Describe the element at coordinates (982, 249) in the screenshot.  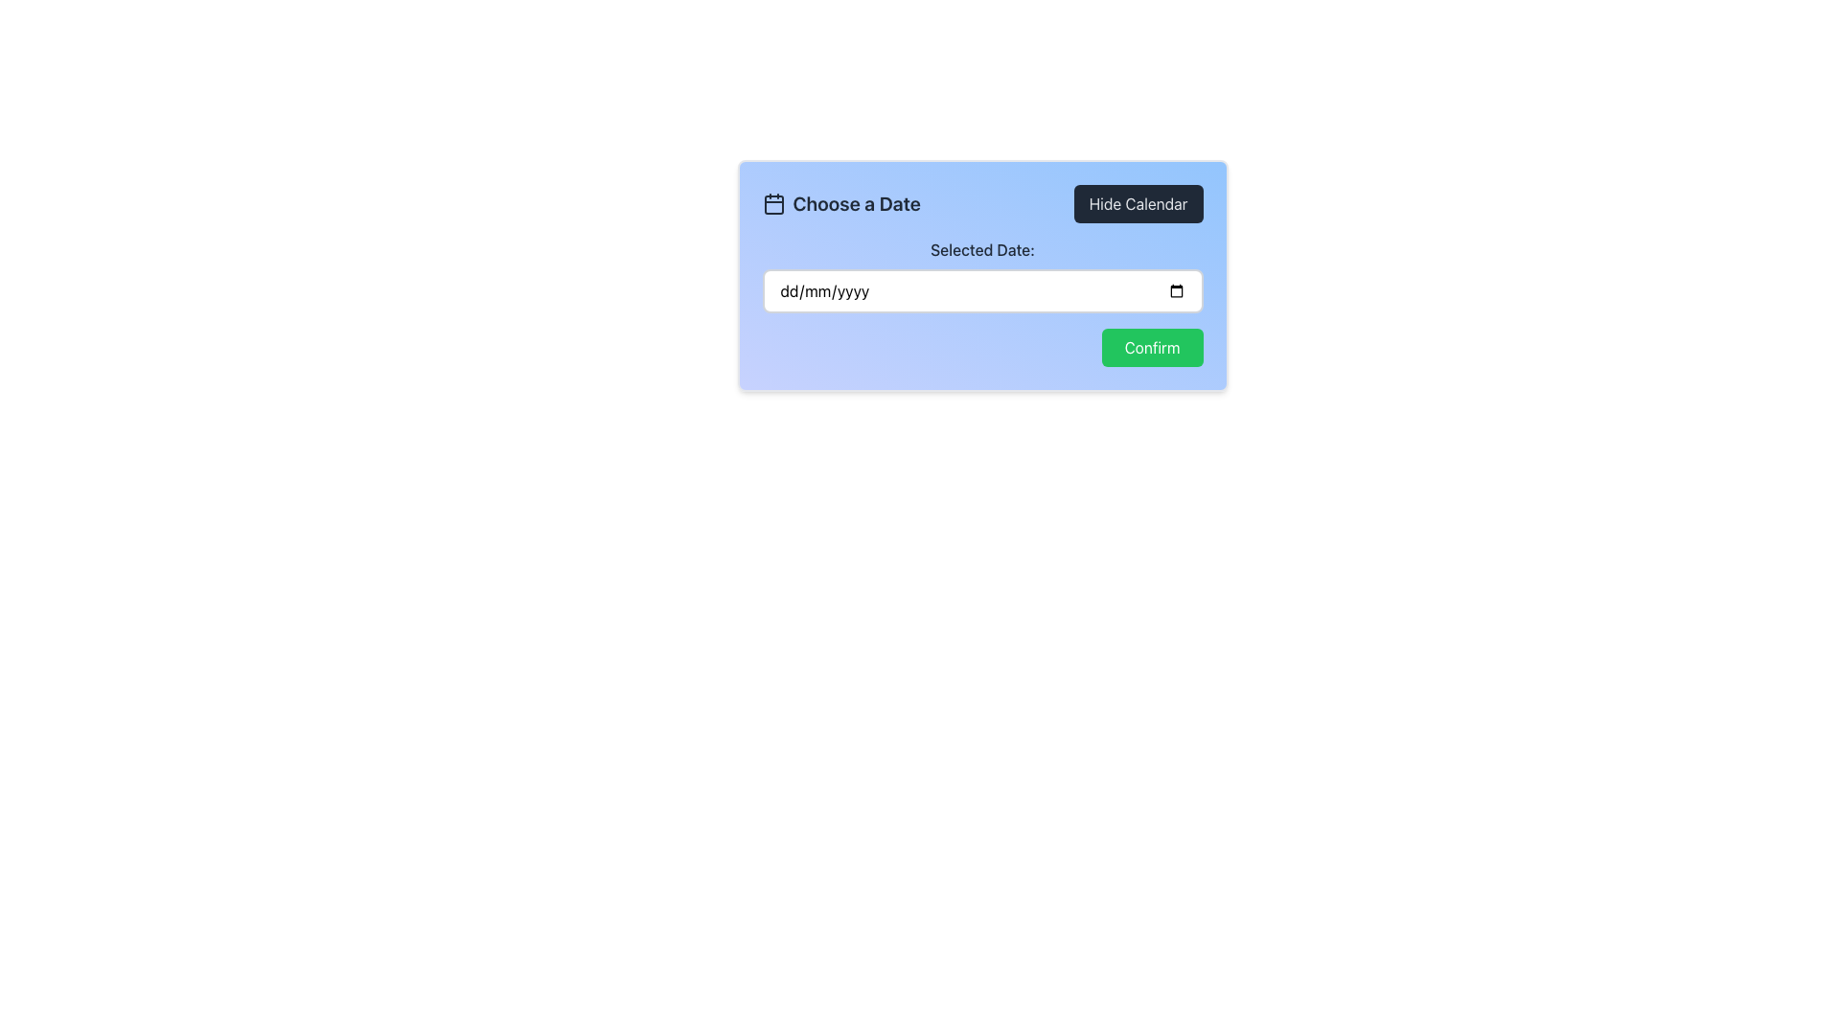
I see `the static text label that provides descriptive information about the associated date input field located under 'Choose a Date'` at that location.